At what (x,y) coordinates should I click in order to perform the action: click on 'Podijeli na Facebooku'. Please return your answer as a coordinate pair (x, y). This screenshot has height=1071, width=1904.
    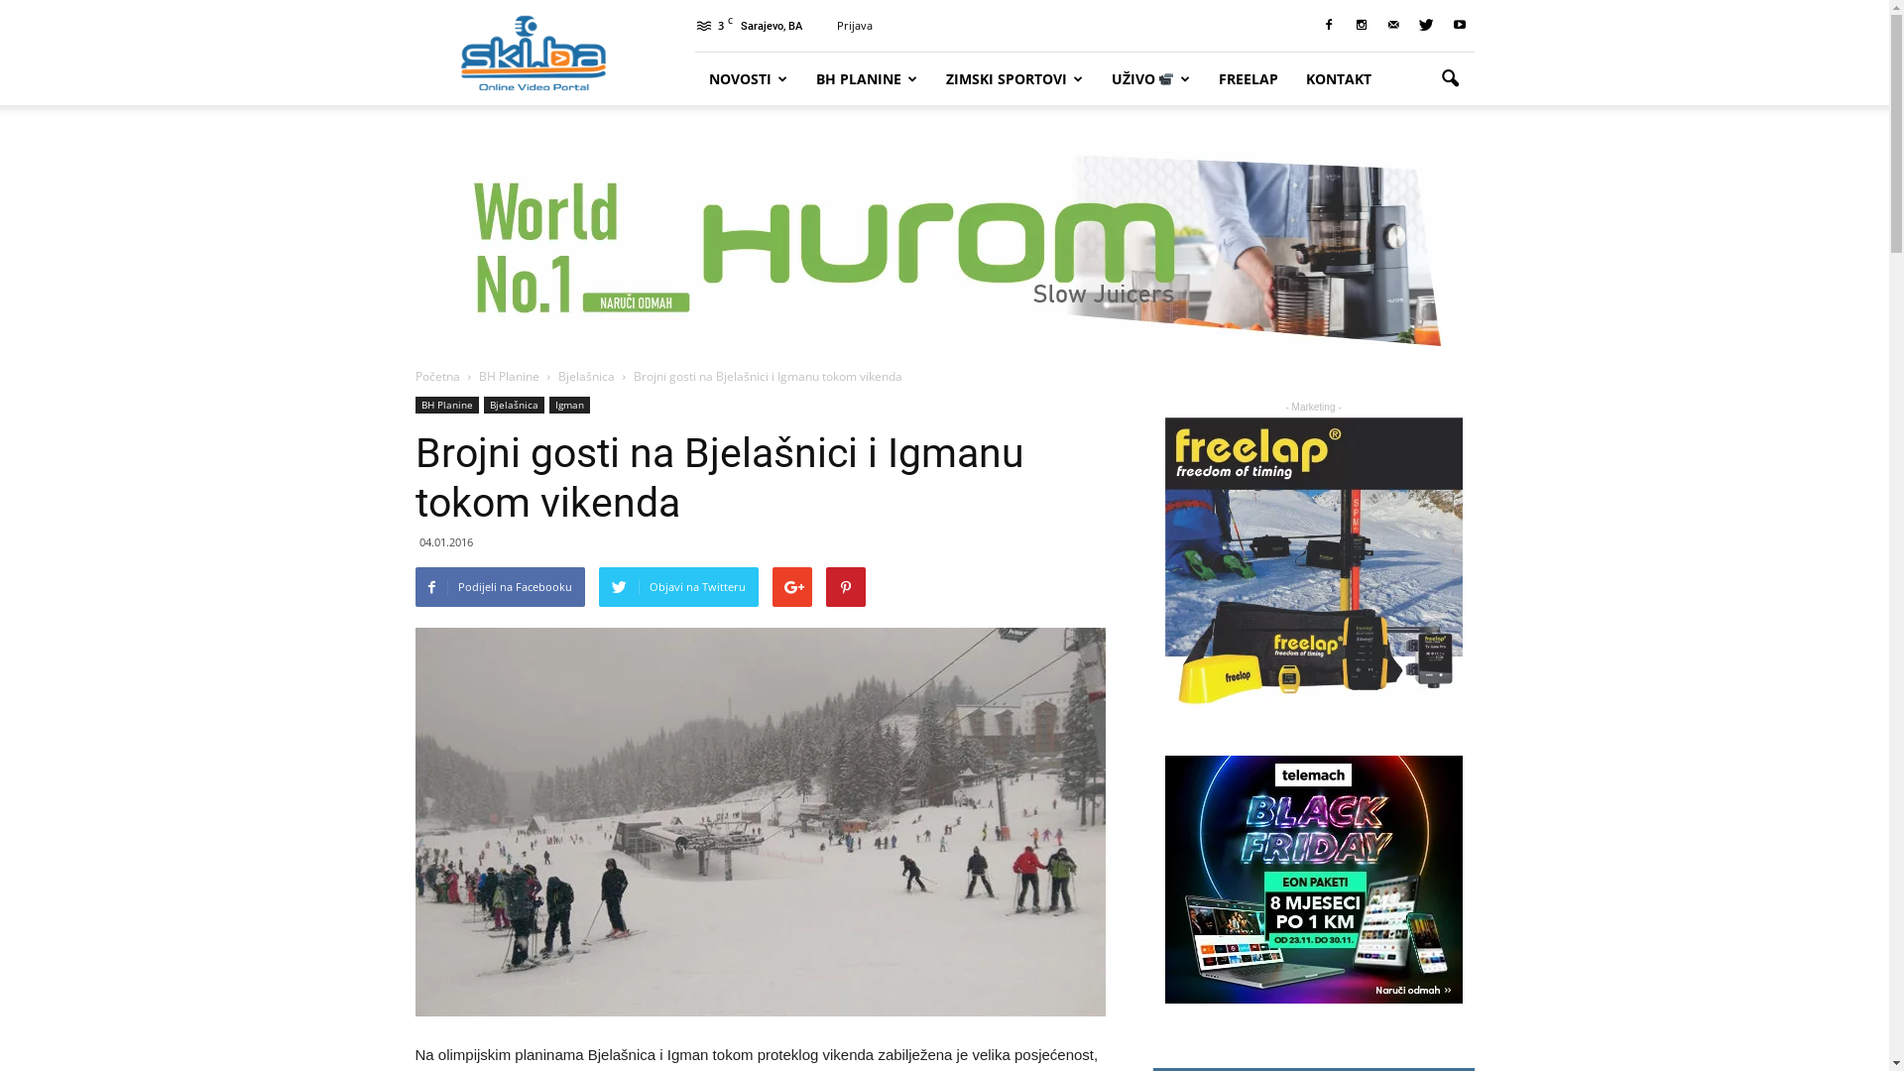
    Looking at the image, I should click on (413, 585).